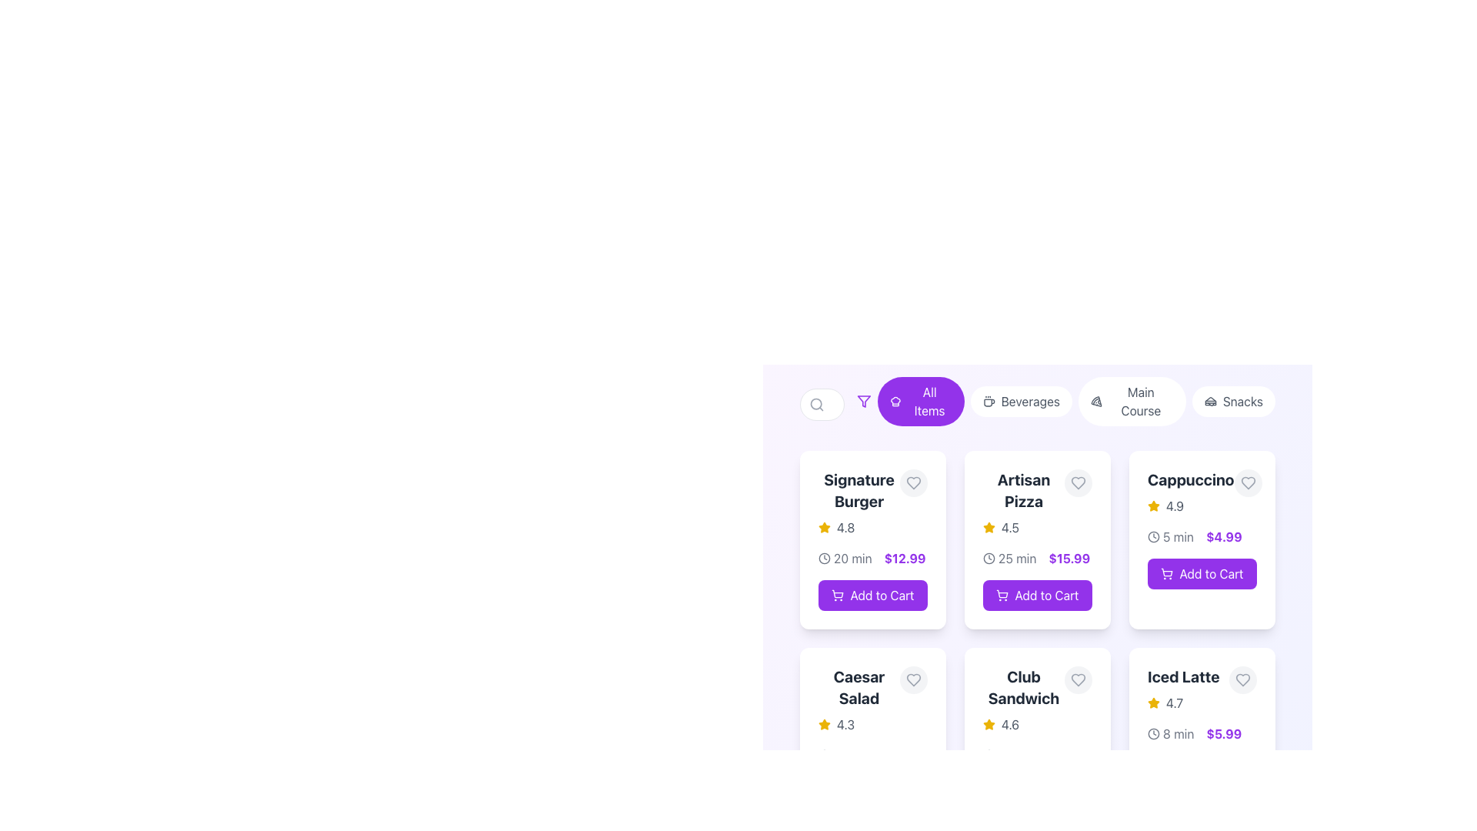 The width and height of the screenshot is (1477, 831). What do you see at coordinates (1132, 400) in the screenshot?
I see `the 'Main Course' category menu item, which is represented by a pizza slice icon and the text 'Main Course', located as the third item in the horizontal menu at the top of the interface` at bounding box center [1132, 400].